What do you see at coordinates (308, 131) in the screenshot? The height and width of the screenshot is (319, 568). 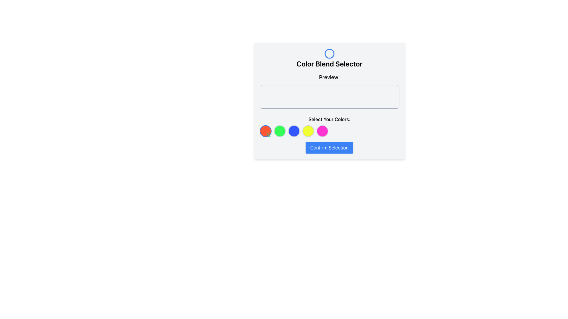 I see `the fifth circular color selection button in the horizontal arrangement labeled 'Select Your Colors:'` at bounding box center [308, 131].